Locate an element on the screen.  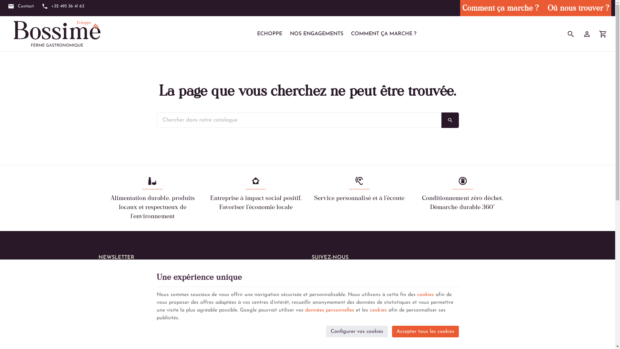
'+32 493 36 41 63' is located at coordinates (63, 6).